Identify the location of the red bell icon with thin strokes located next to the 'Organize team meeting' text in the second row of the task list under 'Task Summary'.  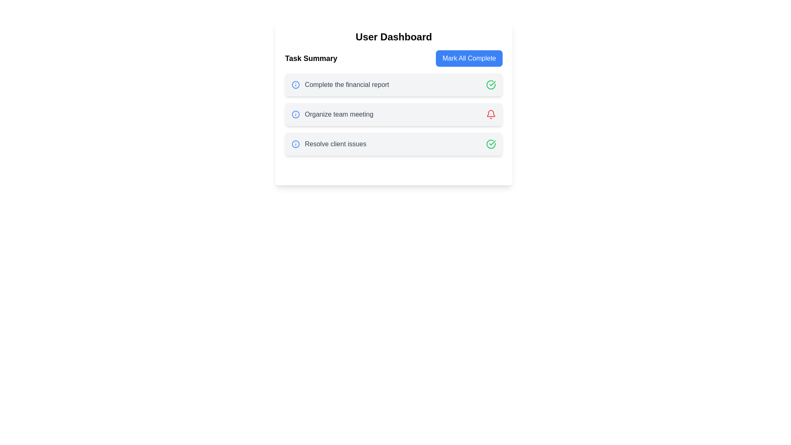
(491, 114).